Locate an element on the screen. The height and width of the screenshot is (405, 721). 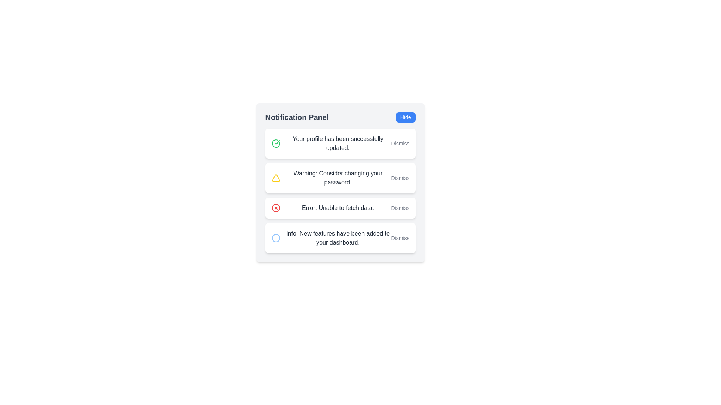
the dismiss link located on the far-right side of the notification message stating 'Your profile has been successfully updated.' is located at coordinates (400, 143).